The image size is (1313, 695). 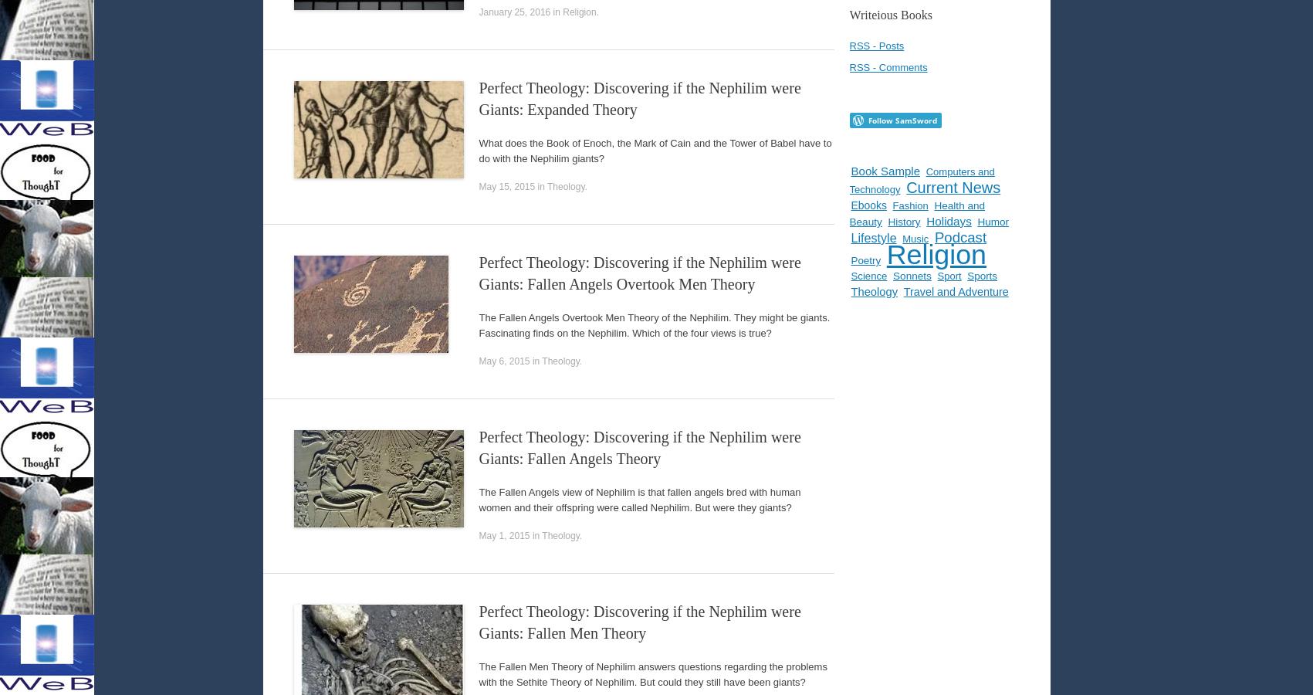 I want to click on 'The Fallen Men Theory of Nephilim answers questions regarding the problems with the Sethite Theory of Nephilim. But could they still have been giants?', so click(x=652, y=673).